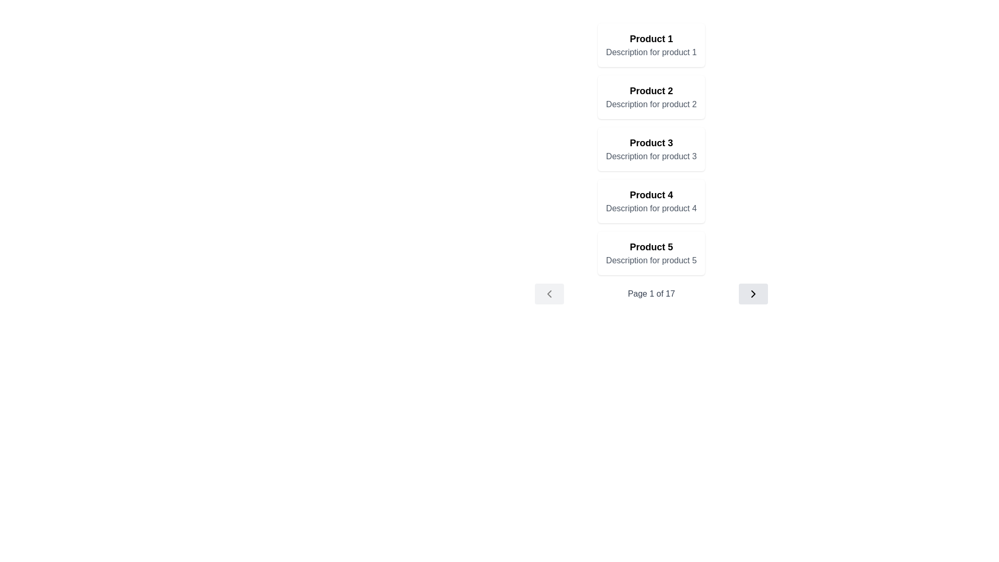  I want to click on the 'Next' button located in the pagination bar, which is positioned to the right of 'Page 1 of 17' and is the rightmost button in the navigation group, so click(753, 293).